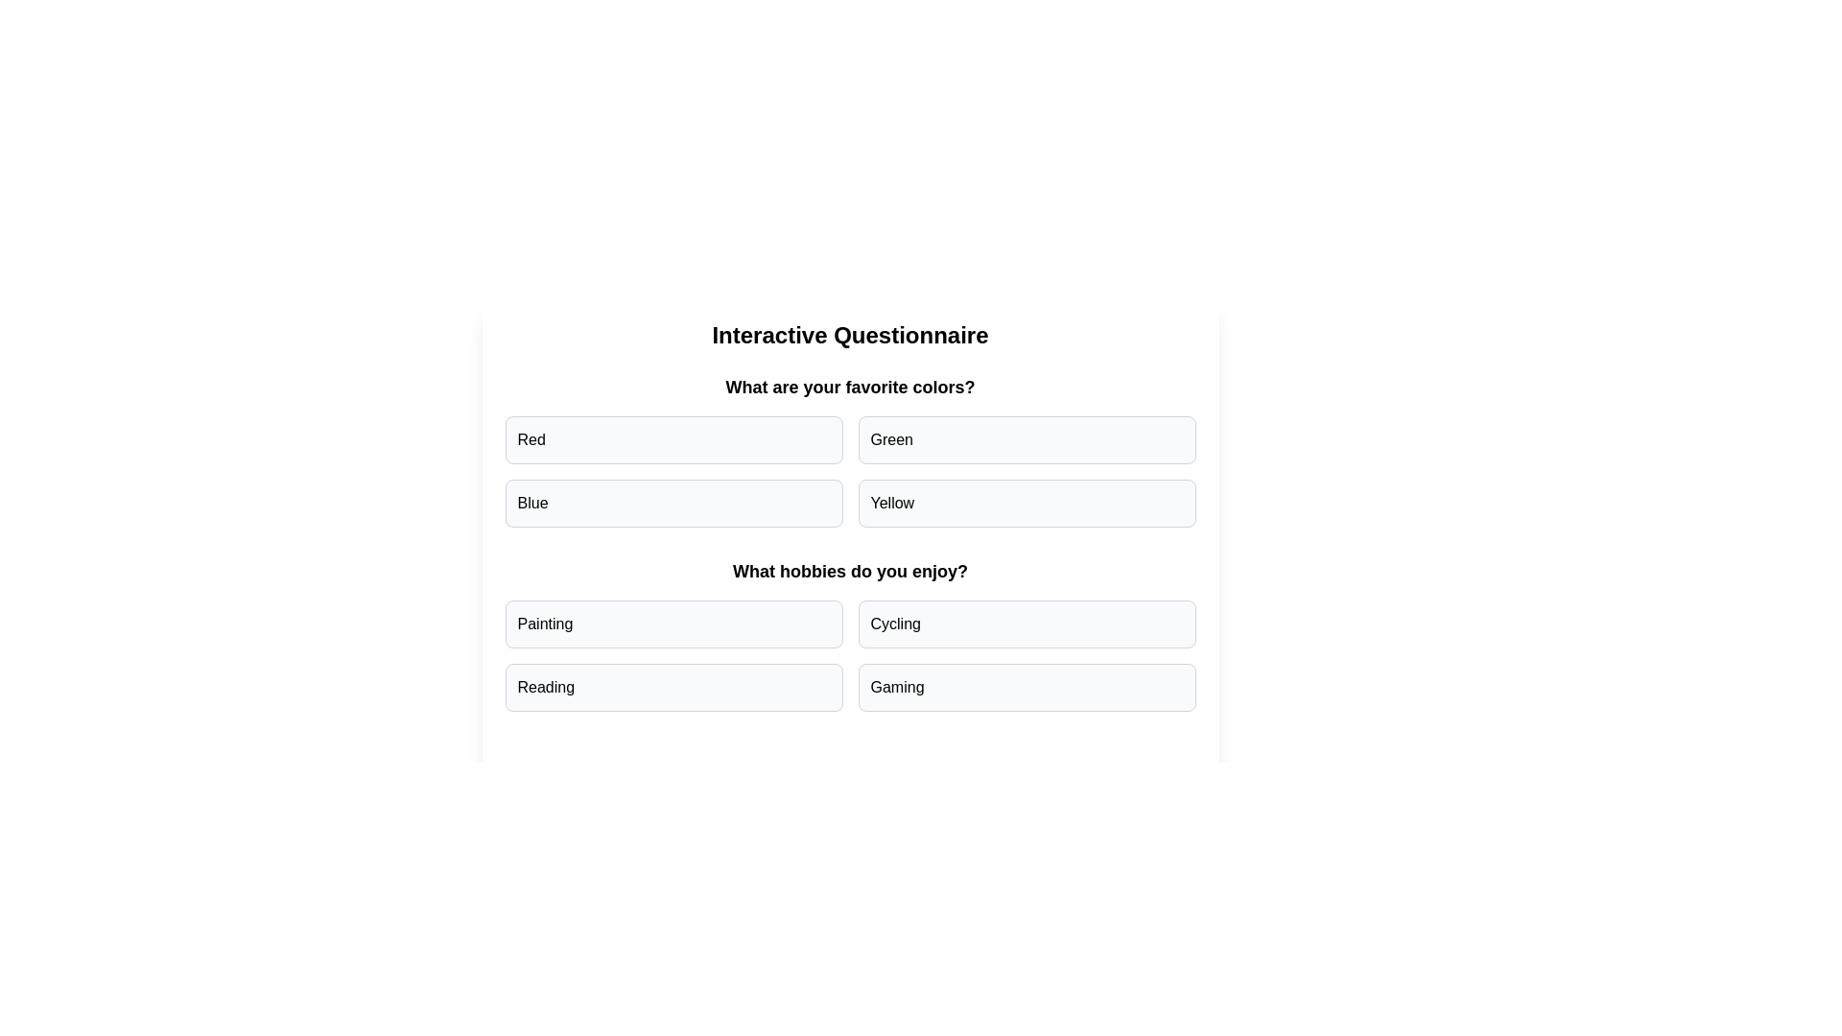 The width and height of the screenshot is (1842, 1036). I want to click on the answer option Red for the question What are your favorite colors?, so click(673, 440).